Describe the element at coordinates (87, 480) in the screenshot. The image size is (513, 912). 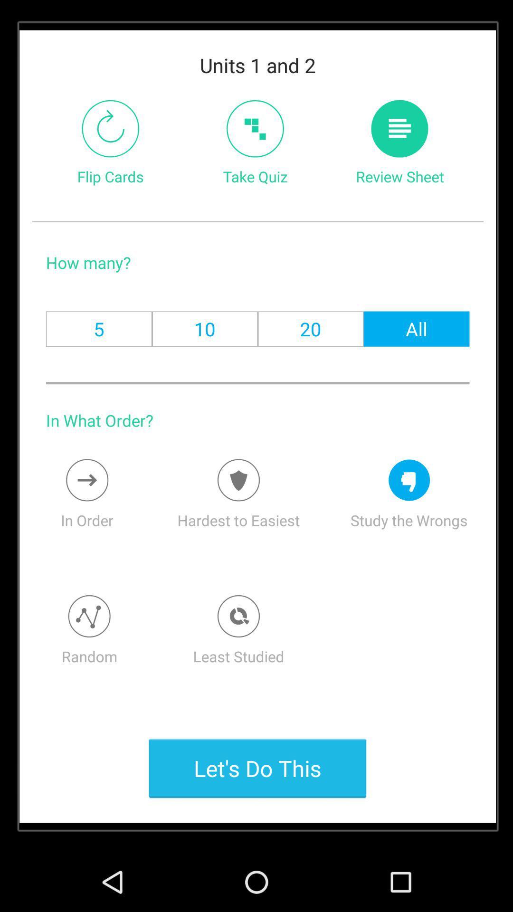
I see `open in order study questions` at that location.